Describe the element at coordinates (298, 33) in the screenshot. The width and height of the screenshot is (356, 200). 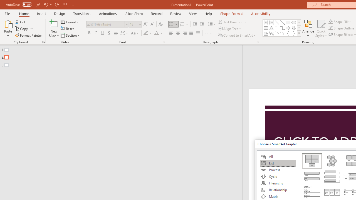
I see `'Shapes'` at that location.